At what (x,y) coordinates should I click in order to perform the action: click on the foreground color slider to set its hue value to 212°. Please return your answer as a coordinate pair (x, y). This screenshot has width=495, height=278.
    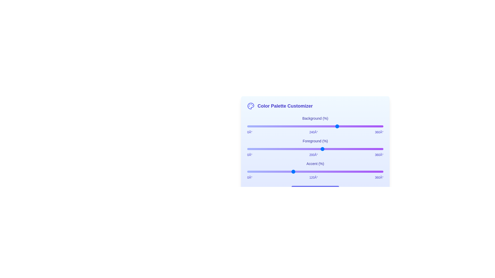
    Looking at the image, I should click on (327, 149).